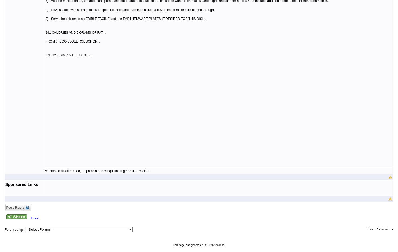  What do you see at coordinates (5, 207) in the screenshot?
I see `'Post Reply'` at bounding box center [5, 207].